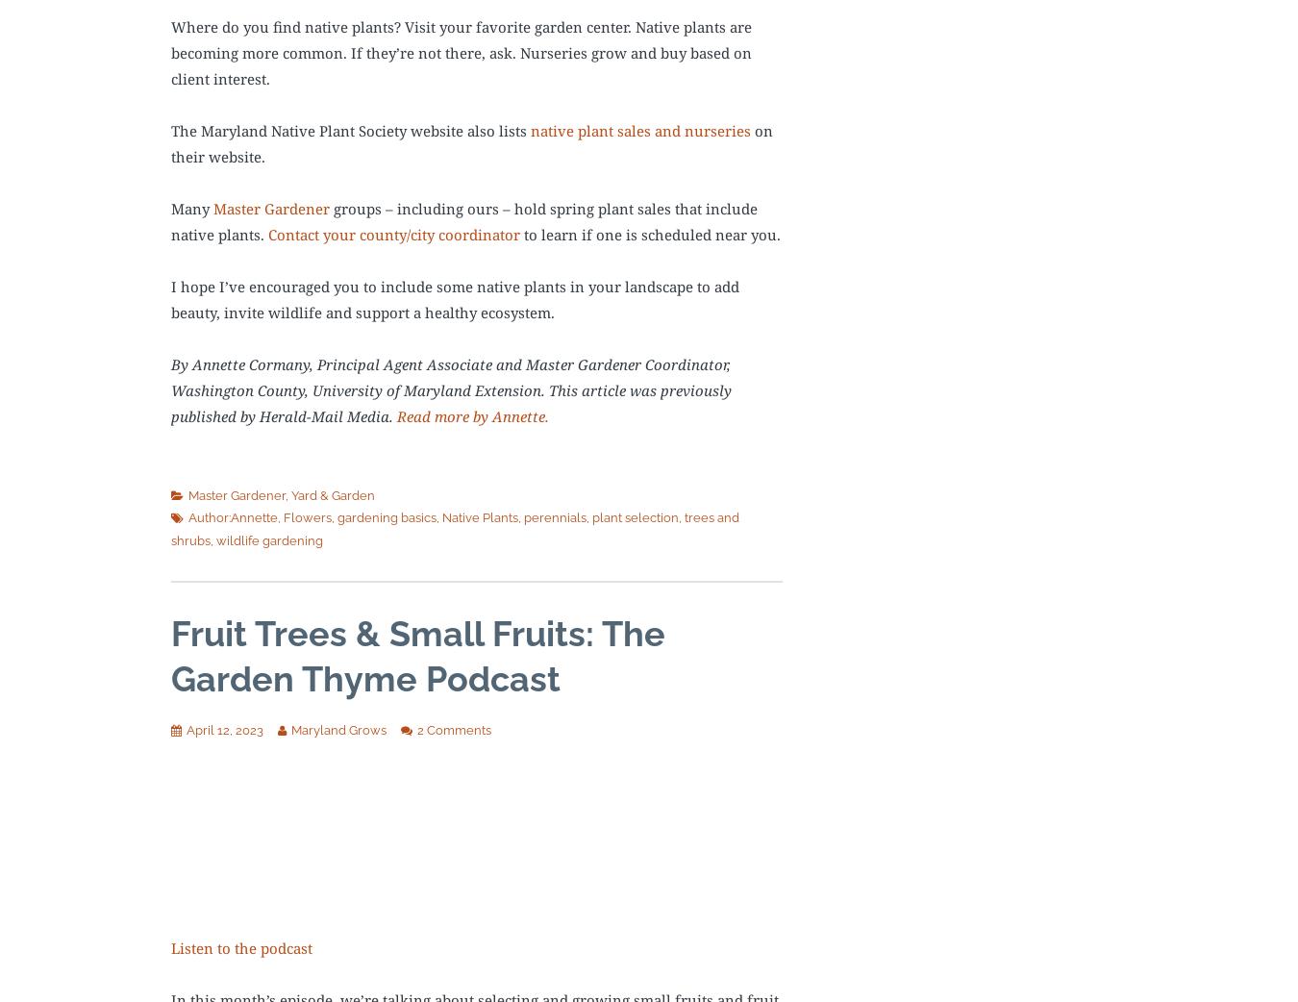 The height and width of the screenshot is (1002, 1298). Describe the element at coordinates (188, 516) in the screenshot. I see `'Author:Annette'` at that location.